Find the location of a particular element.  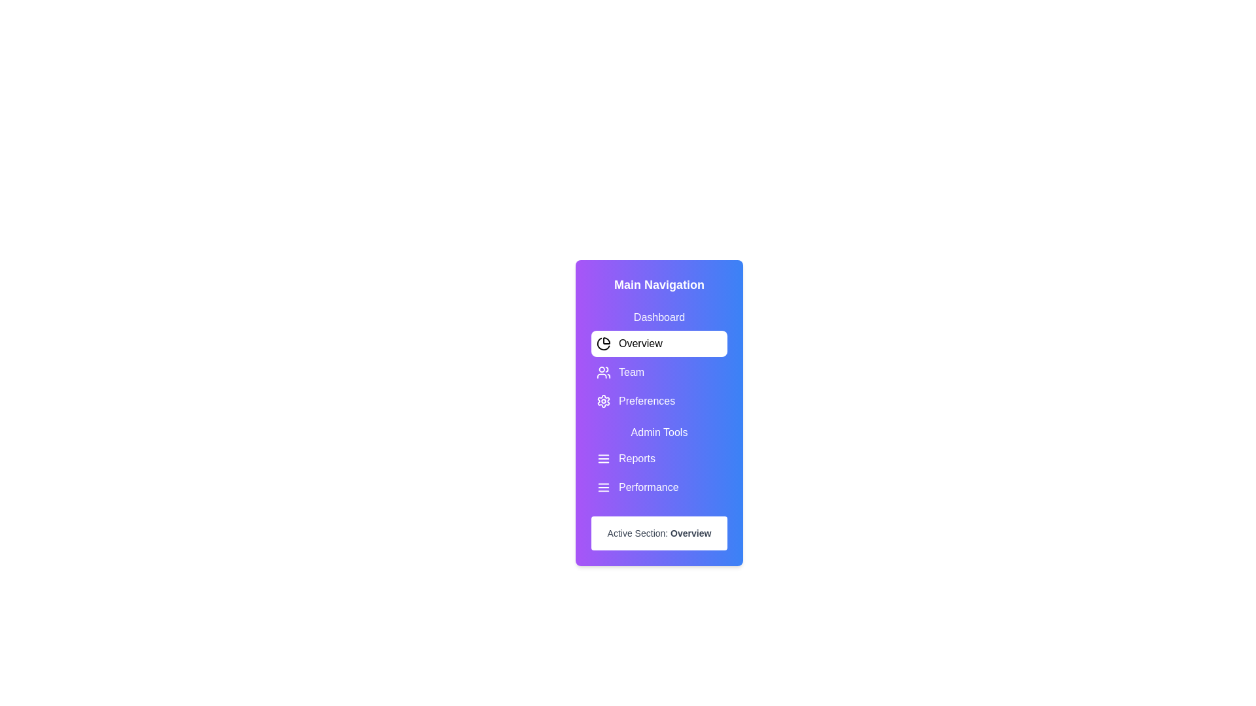

the menu option labeled Reports is located at coordinates (659, 458).